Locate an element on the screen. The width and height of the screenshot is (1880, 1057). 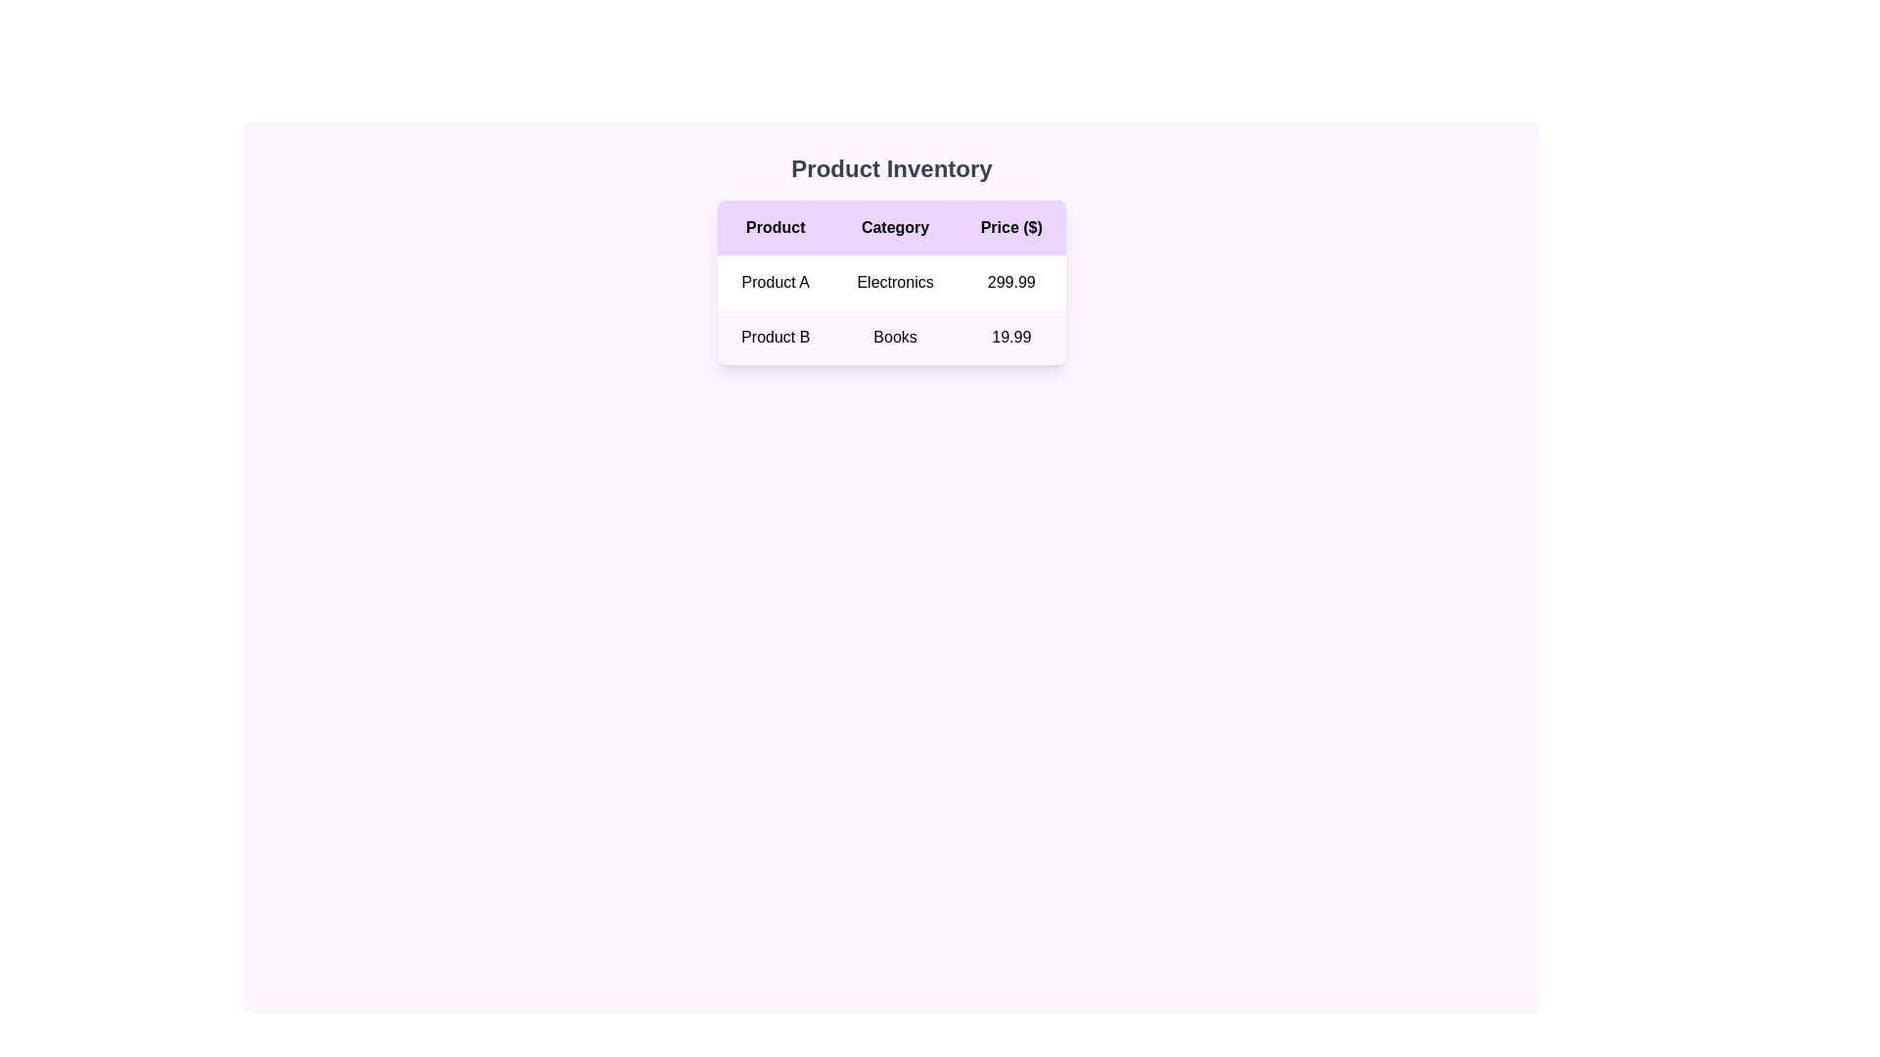
text displayed in the first column and first row of the product table, which identifies 'Product A' as the product name is located at coordinates (775, 283).